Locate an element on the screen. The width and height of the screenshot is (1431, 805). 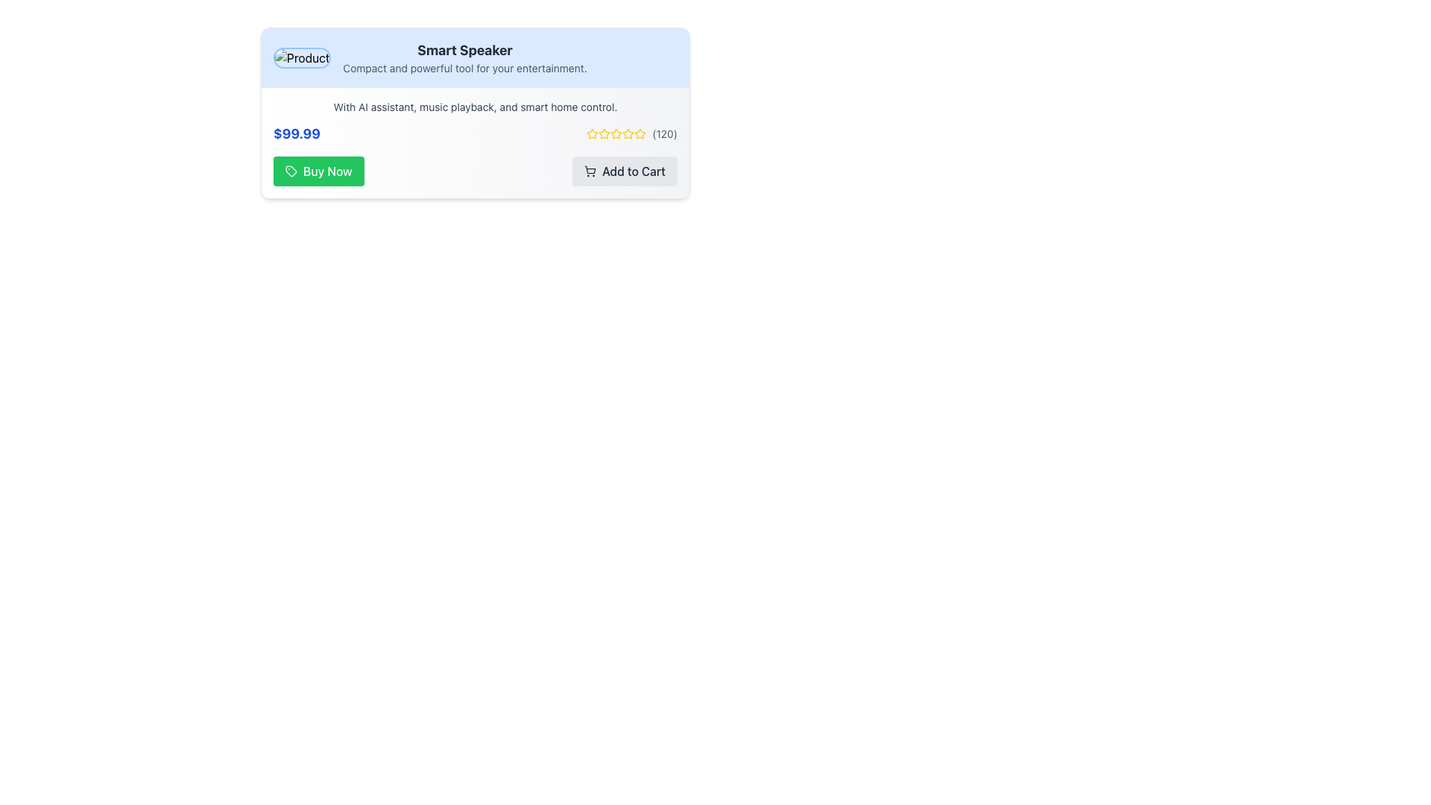
the fifth Rating Star Icon in the horizontal row of five stars, which visually represents the rating level of the product, located to the left of the text '(120)' and beneath the descriptive text of the product card is located at coordinates (640, 134).